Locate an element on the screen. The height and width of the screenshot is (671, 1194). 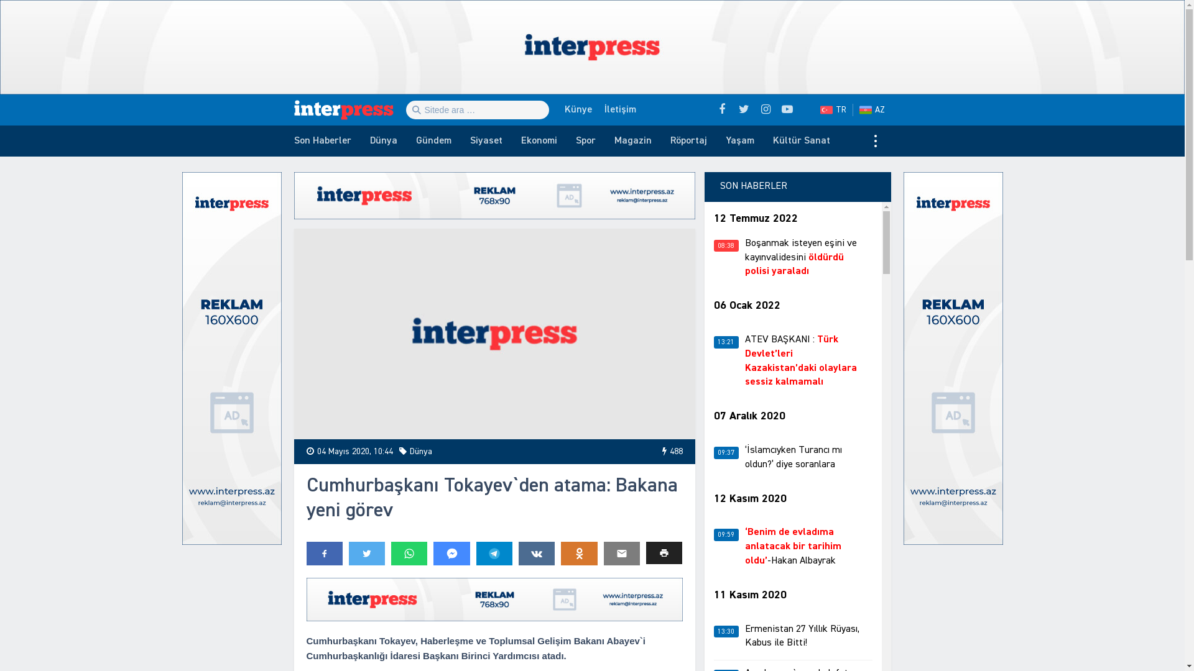
'Son Haberler' is located at coordinates (322, 140).